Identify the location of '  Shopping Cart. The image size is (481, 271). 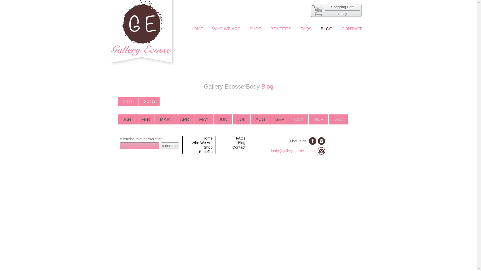
(310, 10).